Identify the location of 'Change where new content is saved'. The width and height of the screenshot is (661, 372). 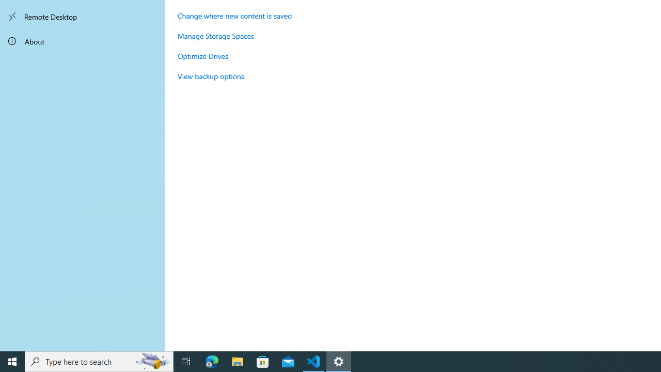
(234, 16).